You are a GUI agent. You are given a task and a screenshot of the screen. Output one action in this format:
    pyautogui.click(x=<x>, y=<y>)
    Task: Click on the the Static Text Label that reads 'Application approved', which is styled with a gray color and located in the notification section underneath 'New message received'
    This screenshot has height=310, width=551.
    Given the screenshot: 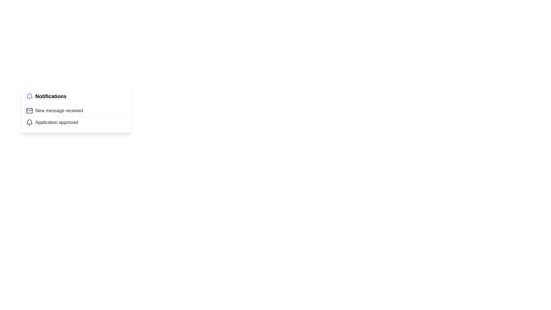 What is the action you would take?
    pyautogui.click(x=57, y=122)
    